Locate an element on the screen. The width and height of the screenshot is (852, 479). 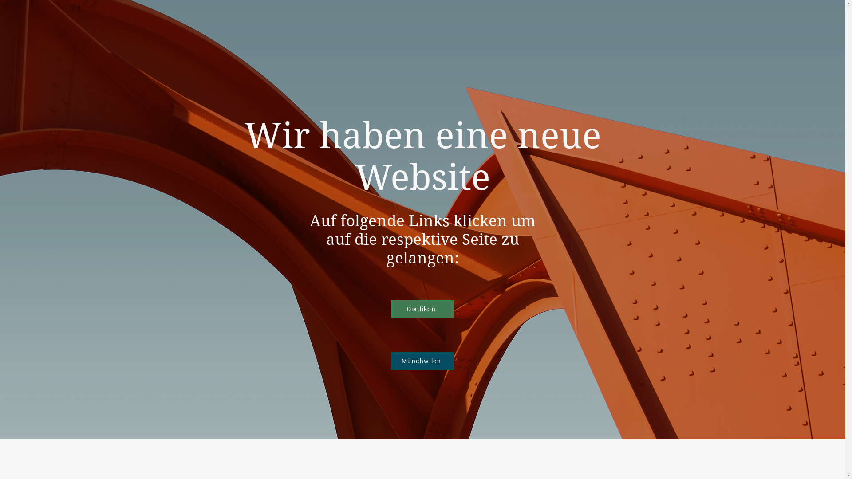
'Dietlikon' is located at coordinates (421, 309).